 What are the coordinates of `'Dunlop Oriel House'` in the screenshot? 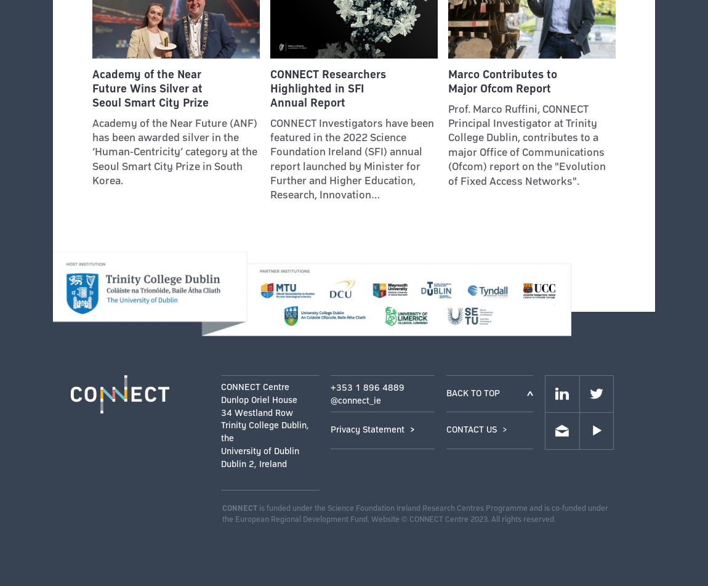 It's located at (259, 399).